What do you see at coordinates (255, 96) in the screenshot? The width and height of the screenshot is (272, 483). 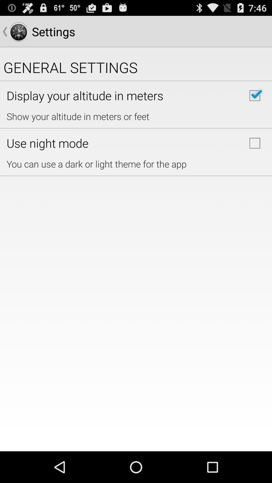 I see `checkbox checked` at bounding box center [255, 96].